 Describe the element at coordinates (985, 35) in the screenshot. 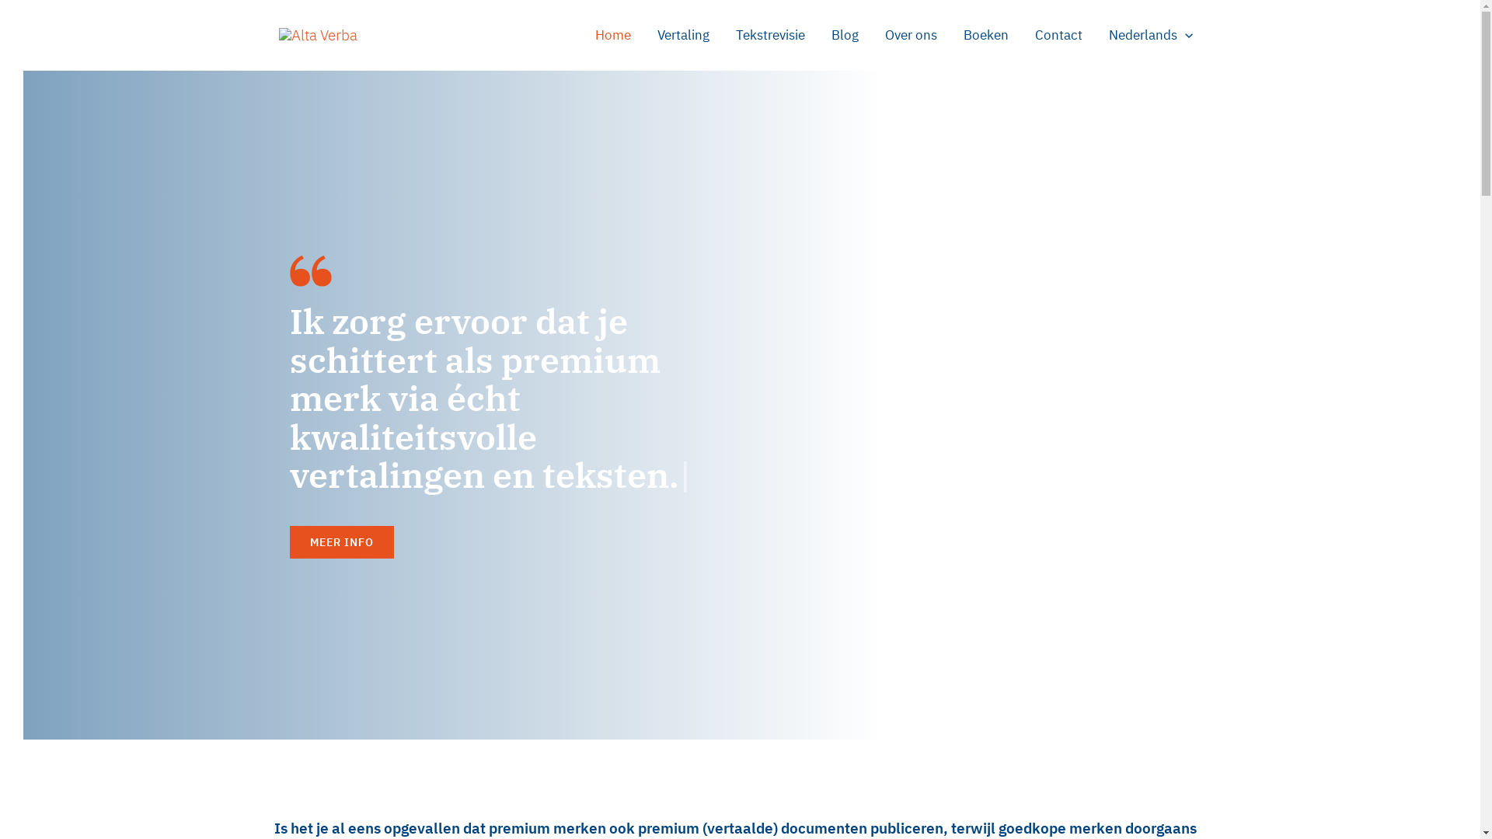

I see `'Boeken'` at that location.